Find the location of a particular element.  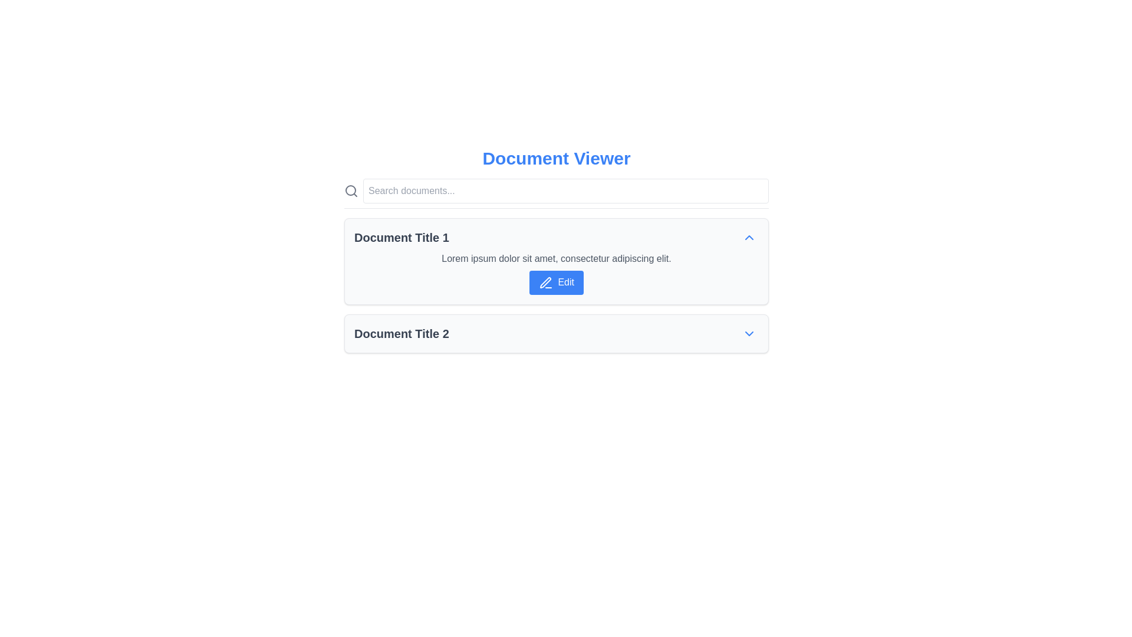

the edit button located within the card titled 'Document Title 1', which is positioned below the text snippet 'Lorem ipsum dolor sit amet, consectetur adipiscing elit.' is located at coordinates (556, 283).